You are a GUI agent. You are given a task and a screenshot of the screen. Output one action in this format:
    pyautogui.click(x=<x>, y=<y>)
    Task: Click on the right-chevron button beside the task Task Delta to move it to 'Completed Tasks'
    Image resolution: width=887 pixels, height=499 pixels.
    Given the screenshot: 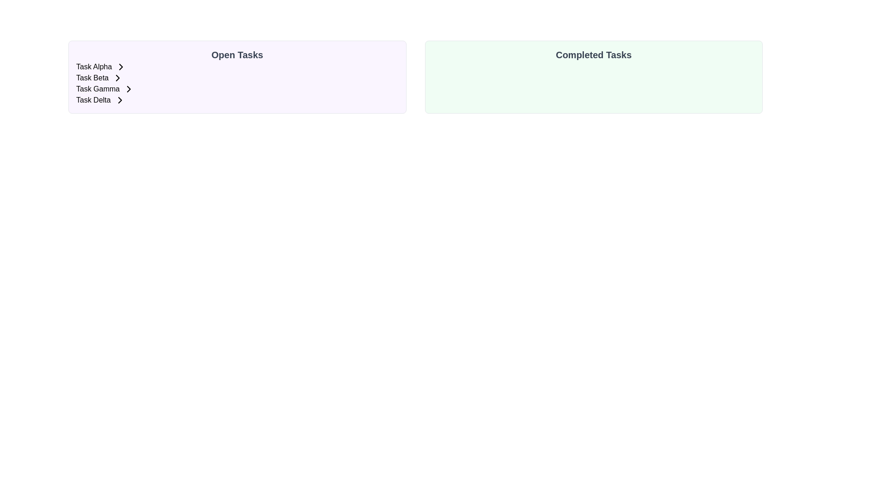 What is the action you would take?
    pyautogui.click(x=119, y=100)
    